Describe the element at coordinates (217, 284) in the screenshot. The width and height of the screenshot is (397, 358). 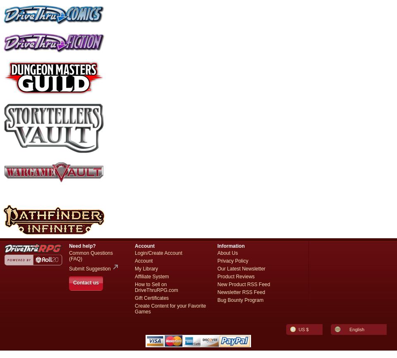
I see `'New Product RSS Feed'` at that location.